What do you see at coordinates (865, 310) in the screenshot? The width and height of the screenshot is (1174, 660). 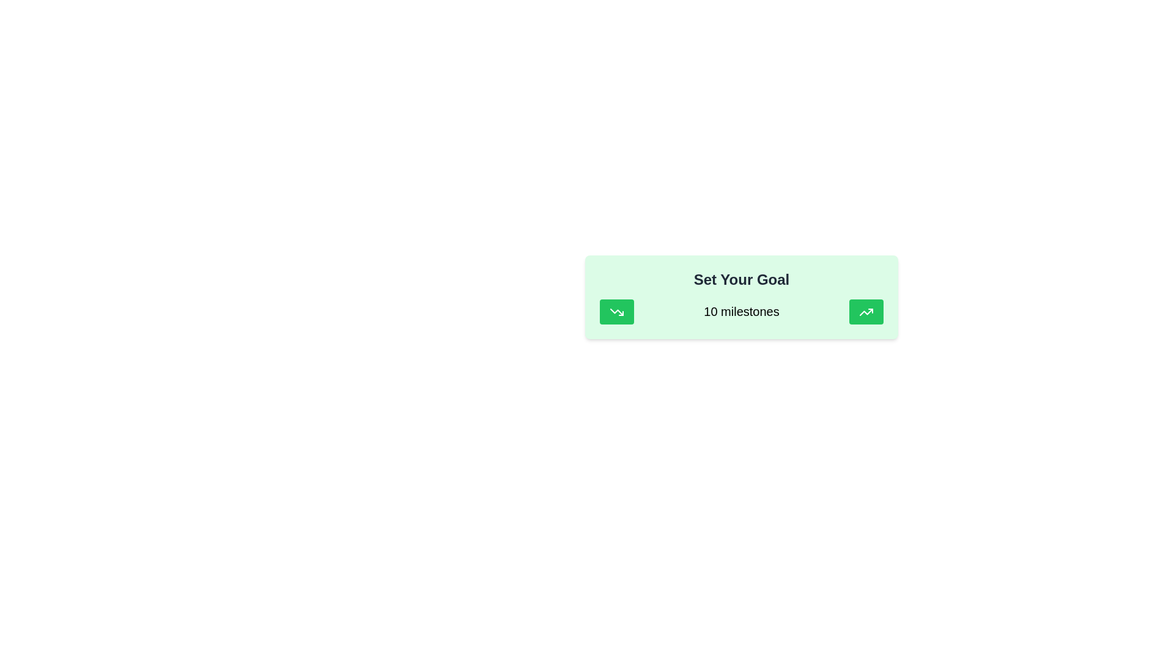 I see `the main diagonal line of the line chart icon, which is part of the 'Set Your Goal' button in the green light-background box` at bounding box center [865, 310].